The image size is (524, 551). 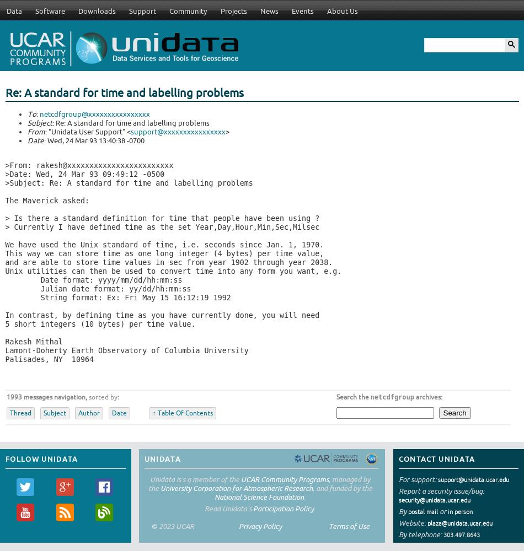 What do you see at coordinates (440, 490) in the screenshot?
I see `'Report a security issue/bug:'` at bounding box center [440, 490].